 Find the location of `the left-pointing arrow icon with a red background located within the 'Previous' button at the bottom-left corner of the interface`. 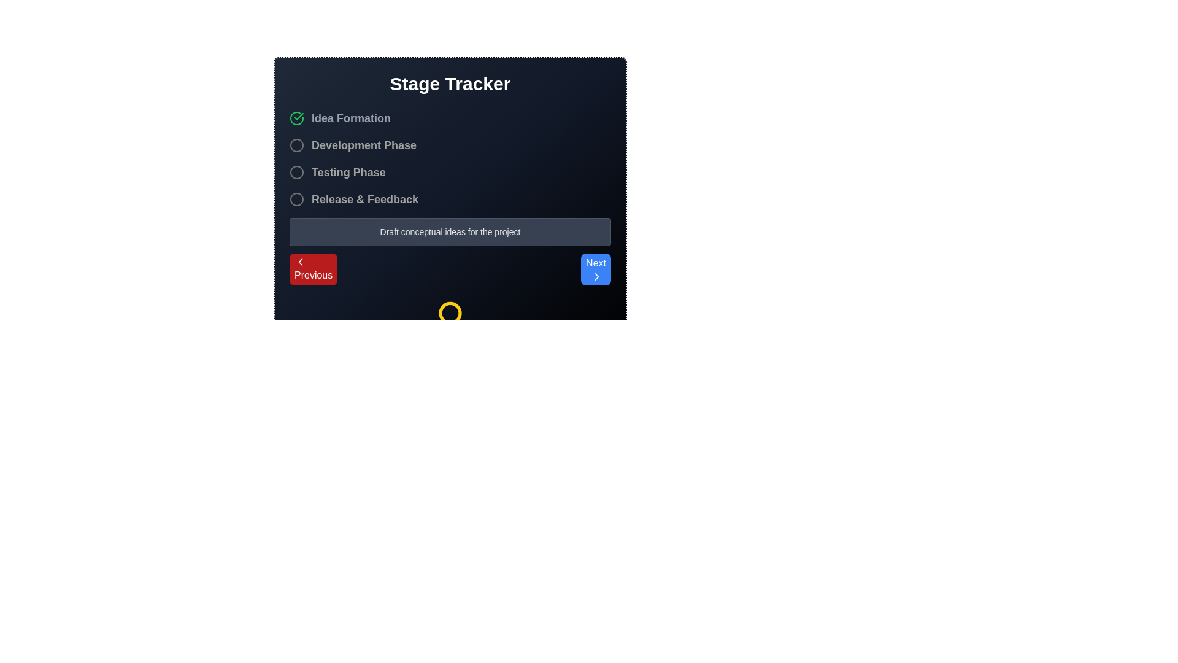

the left-pointing arrow icon with a red background located within the 'Previous' button at the bottom-left corner of the interface is located at coordinates (300, 262).